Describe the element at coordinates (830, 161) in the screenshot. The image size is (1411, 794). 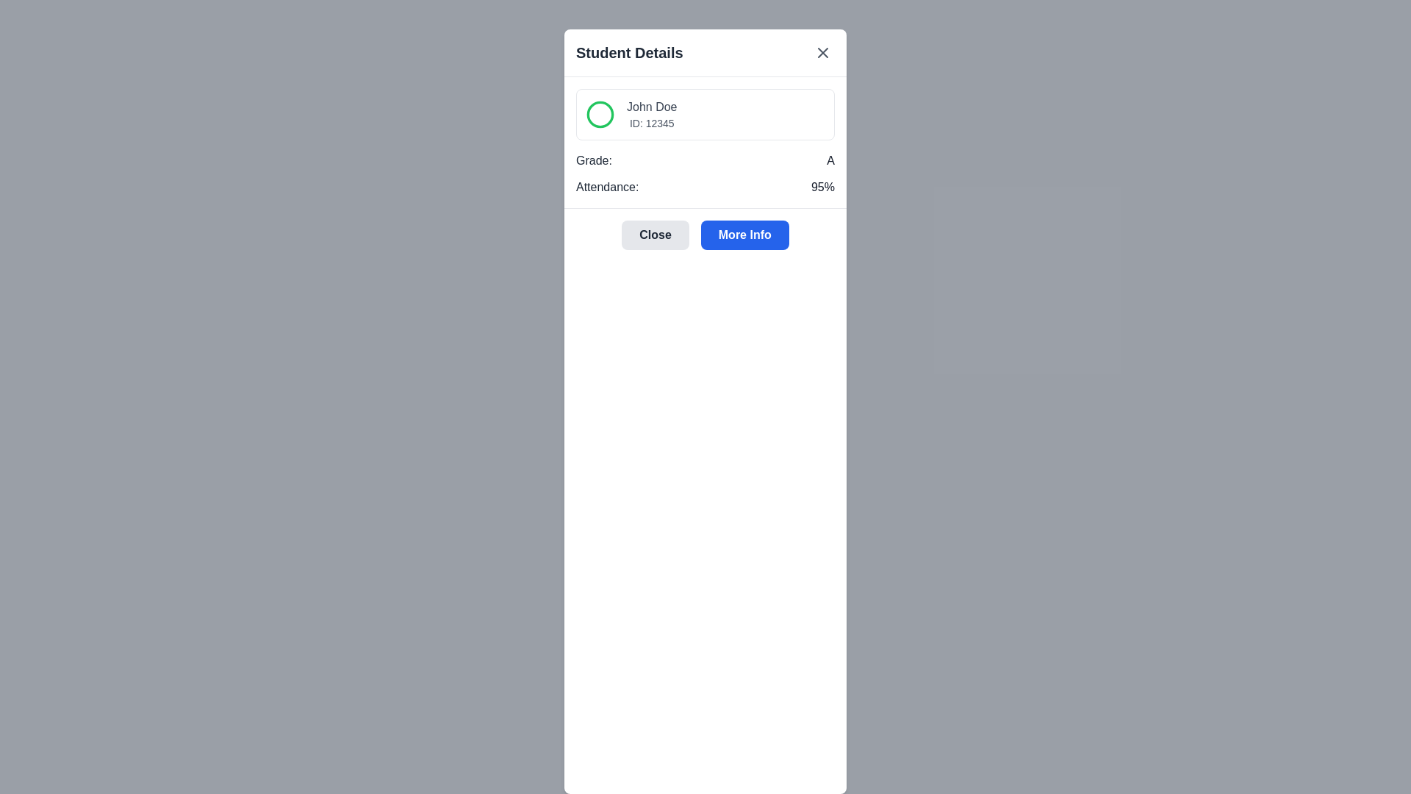
I see `the text content displaying the grade value ('A') associated with the user data, located to the right of the 'Grade:' label and below the 'John Doe' information header` at that location.